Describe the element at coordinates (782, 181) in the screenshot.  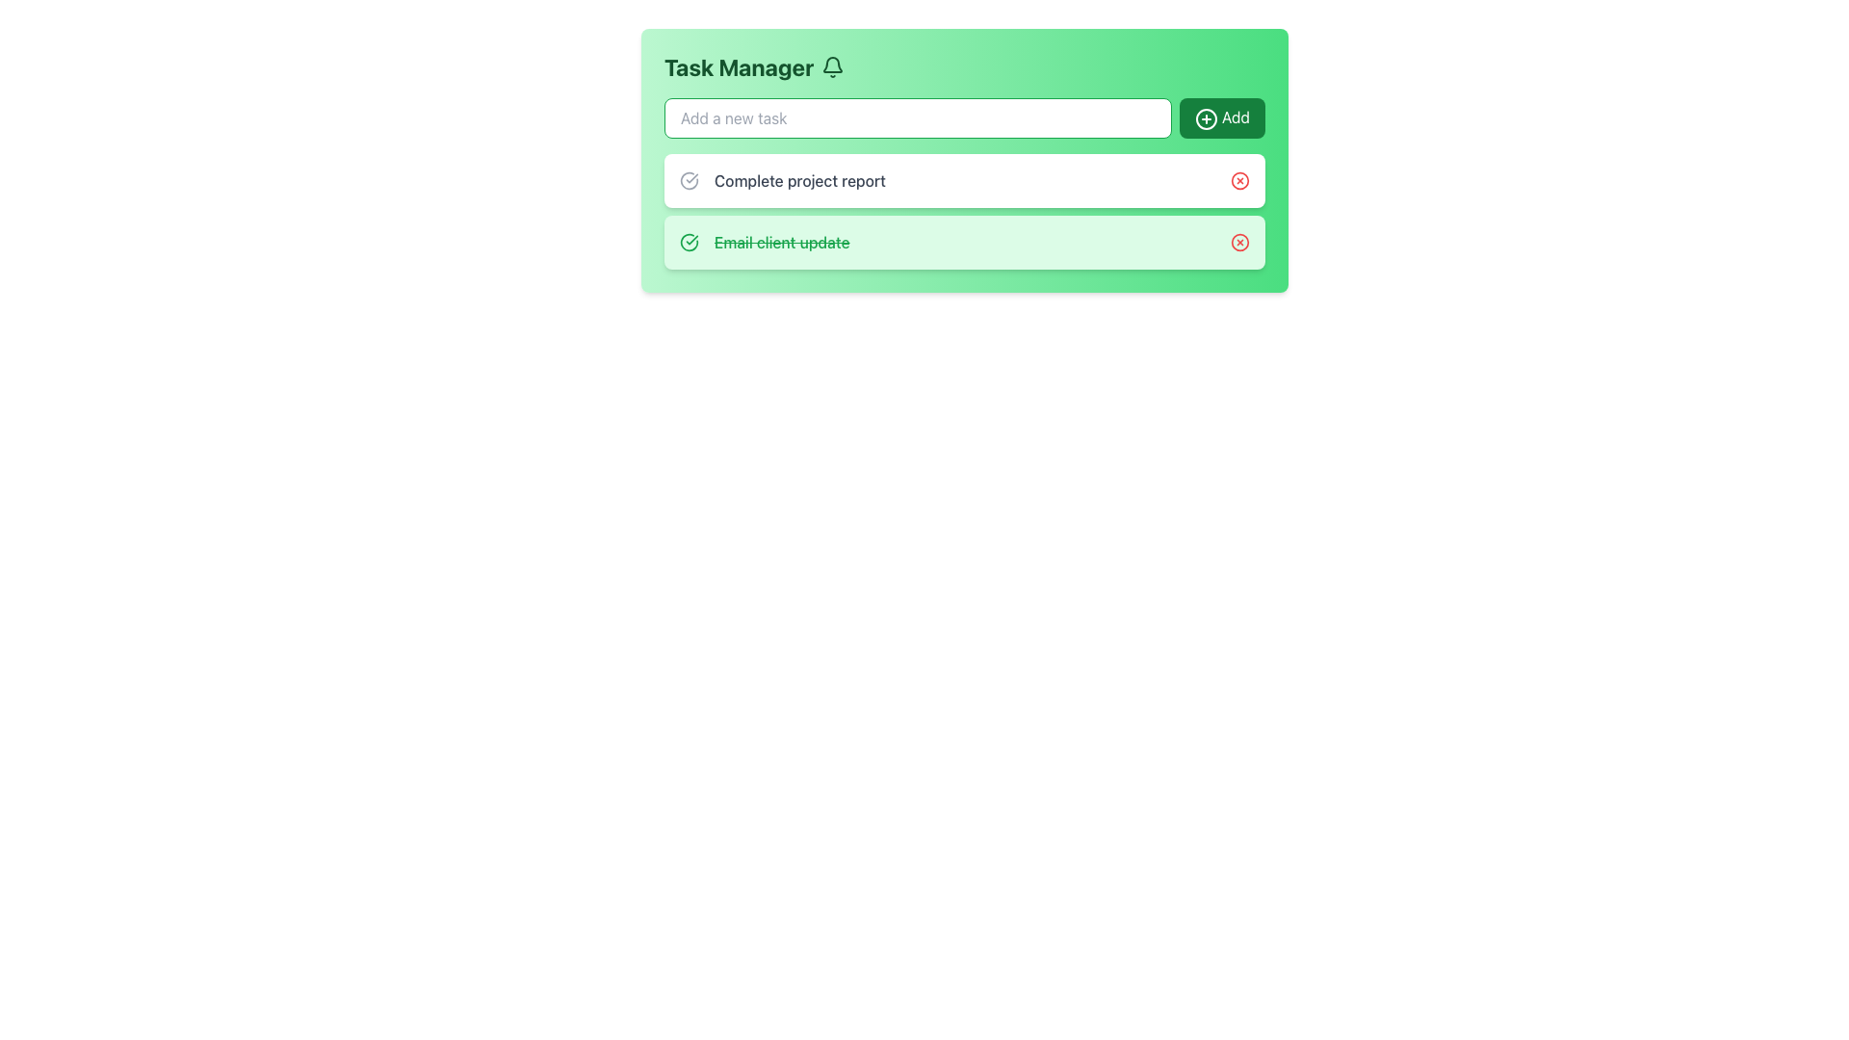
I see `the text label reading 'Complete project report' which is styled in bold dark gray color and located in a task management interface` at that location.